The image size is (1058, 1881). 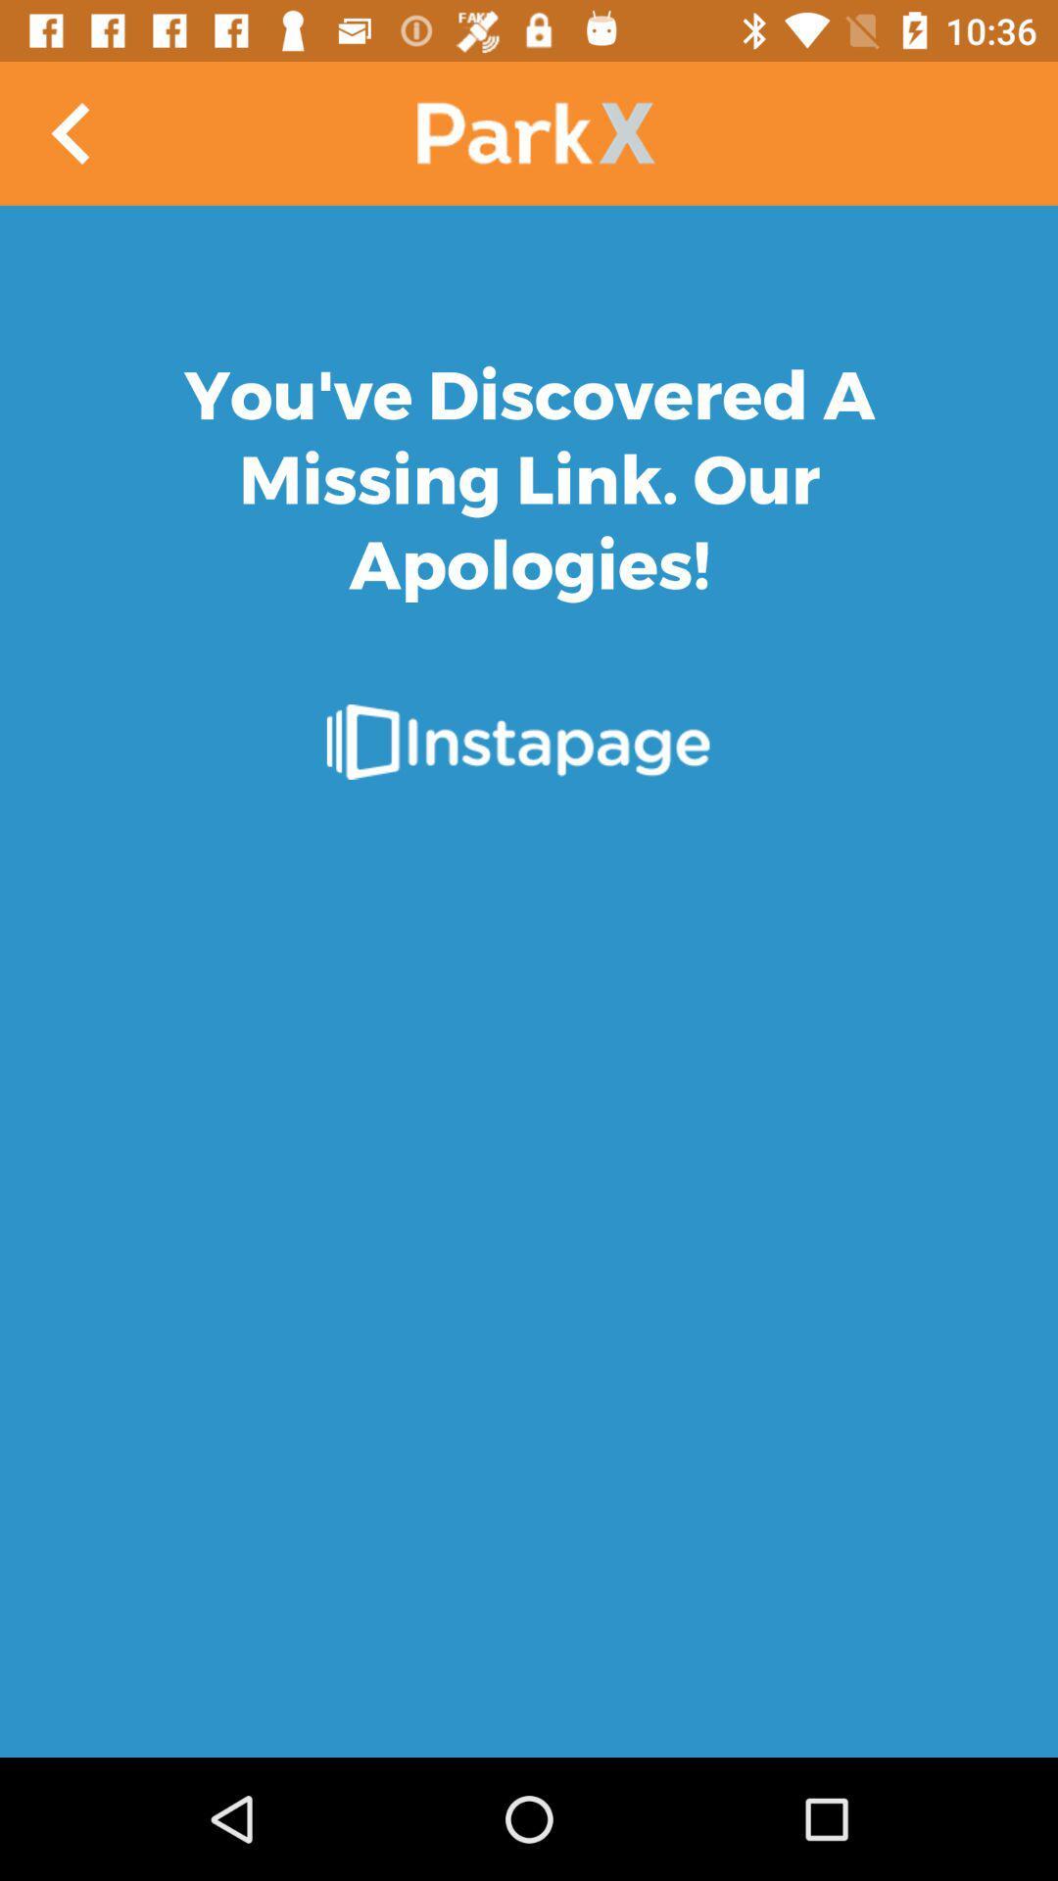 What do you see at coordinates (71, 132) in the screenshot?
I see `previous` at bounding box center [71, 132].